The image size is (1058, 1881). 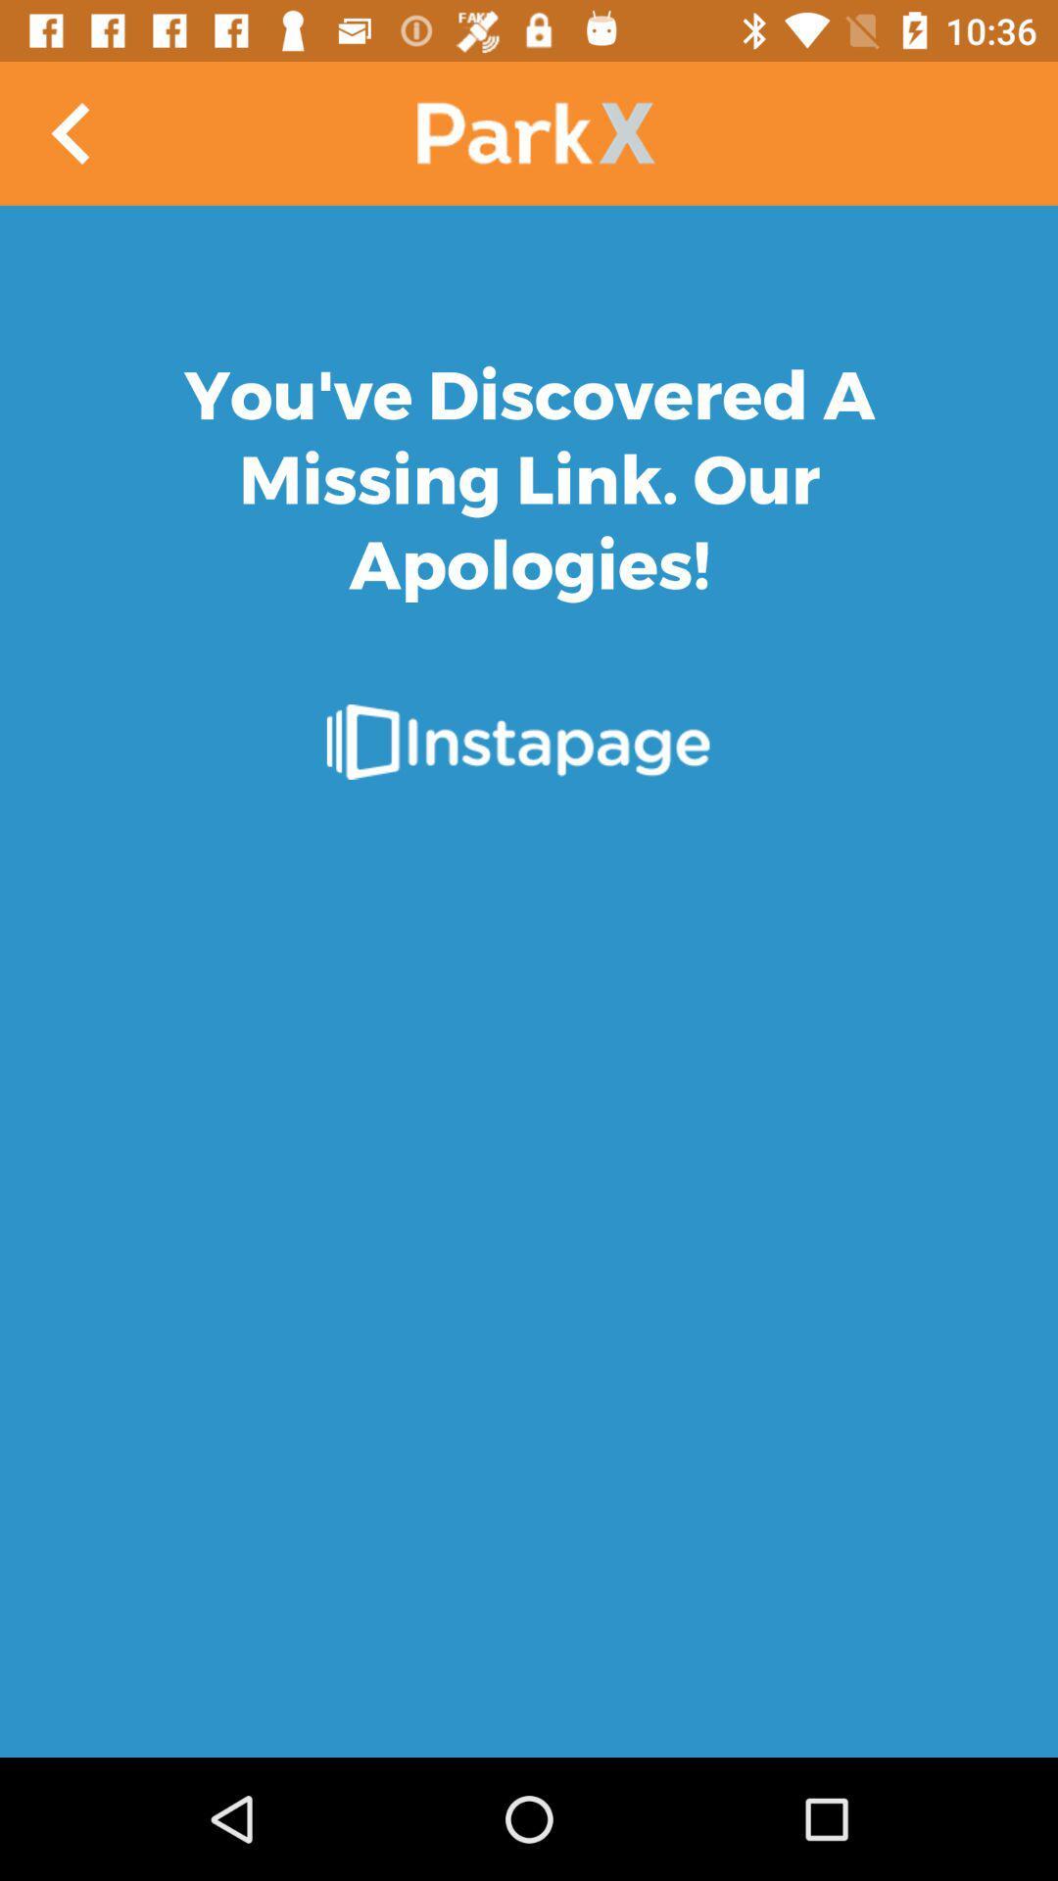 What do you see at coordinates (71, 132) in the screenshot?
I see `previous` at bounding box center [71, 132].